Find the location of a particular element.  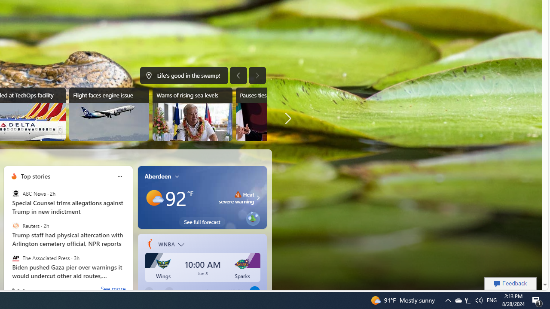

'tab-0' is located at coordinates (13, 290).